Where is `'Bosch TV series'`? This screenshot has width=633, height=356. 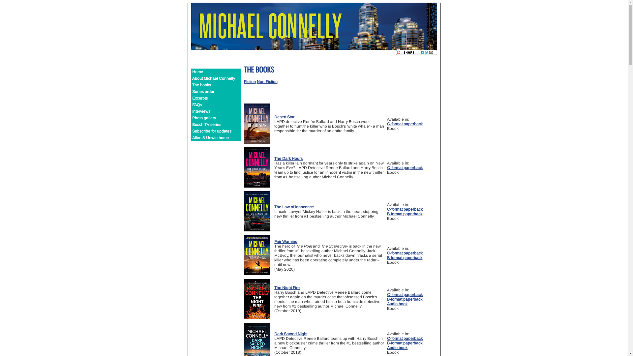
'Bosch TV series' is located at coordinates (216, 125).